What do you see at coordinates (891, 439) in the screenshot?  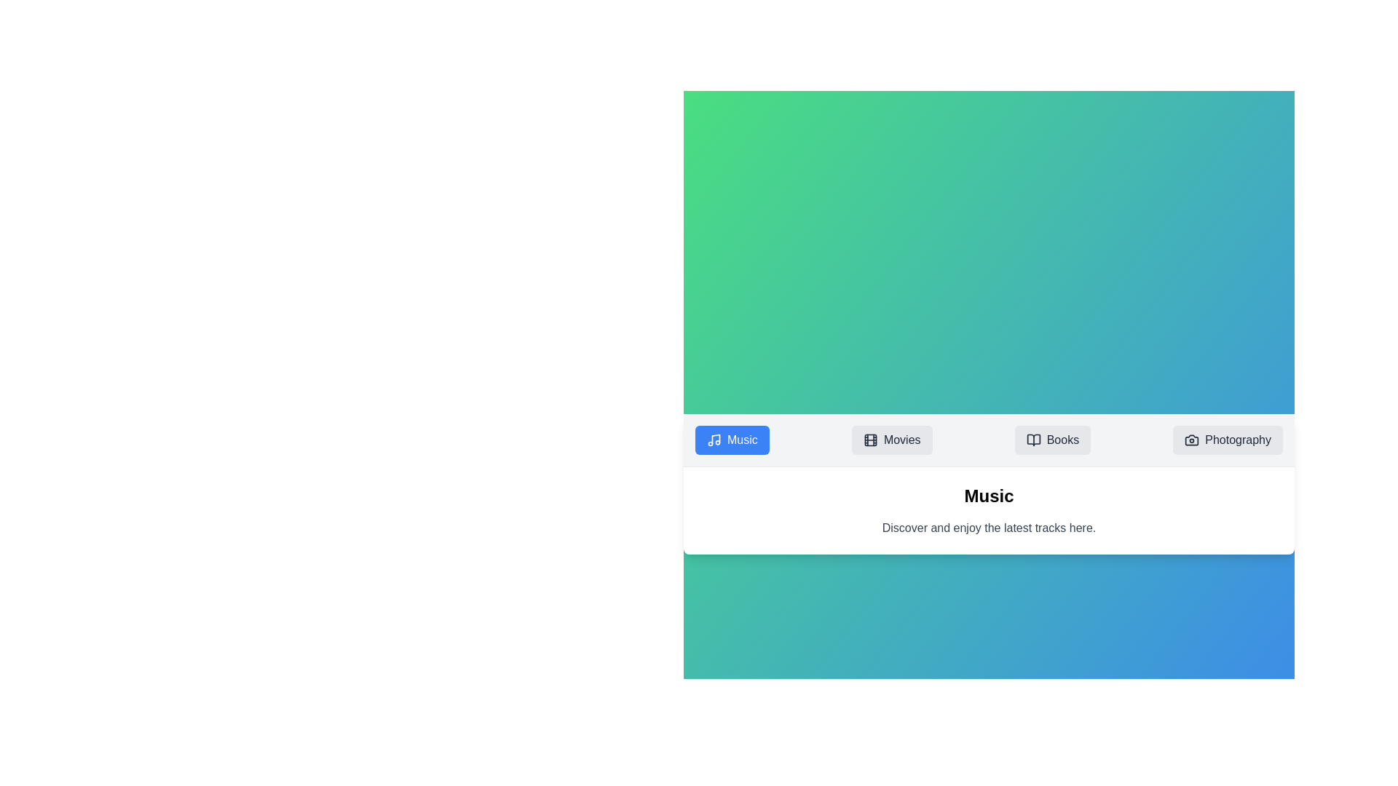 I see `the 'Movies' button, which is the second button in a sequence of options below a colored header` at bounding box center [891, 439].